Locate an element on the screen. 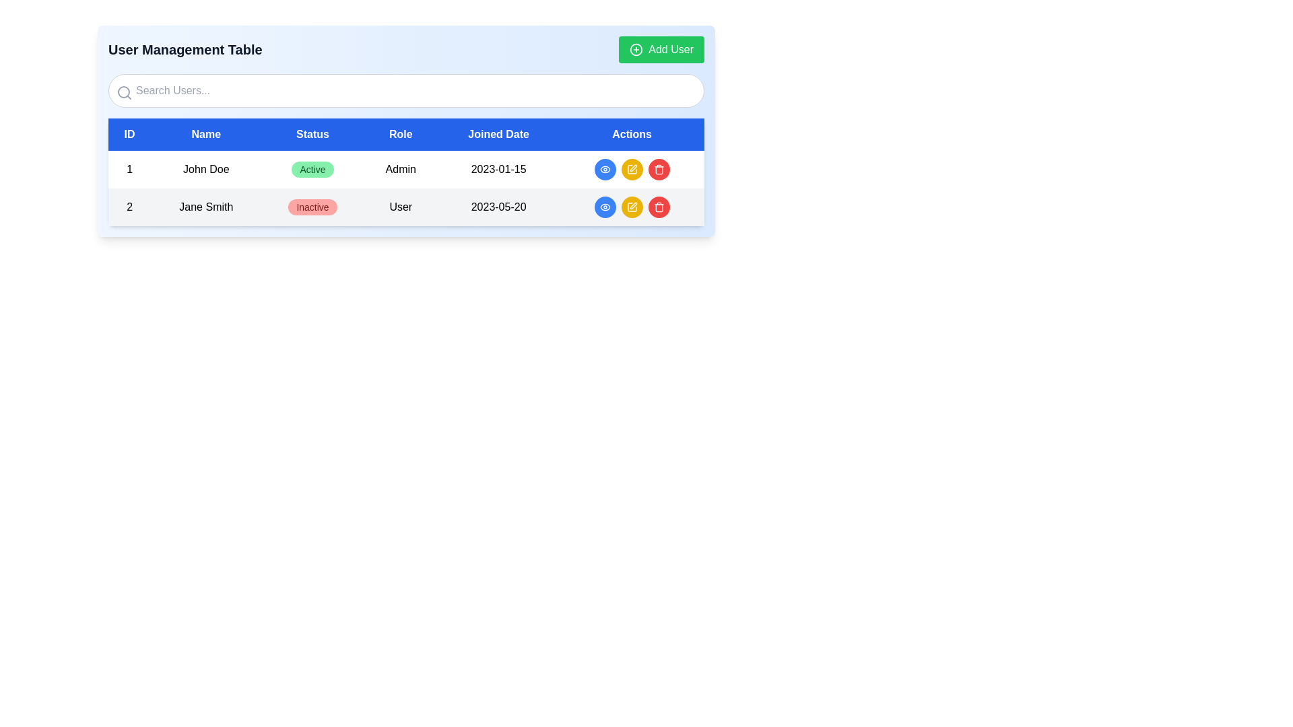 The height and width of the screenshot is (727, 1293). the yellow circular button with a white pen icon is located at coordinates (631, 168).